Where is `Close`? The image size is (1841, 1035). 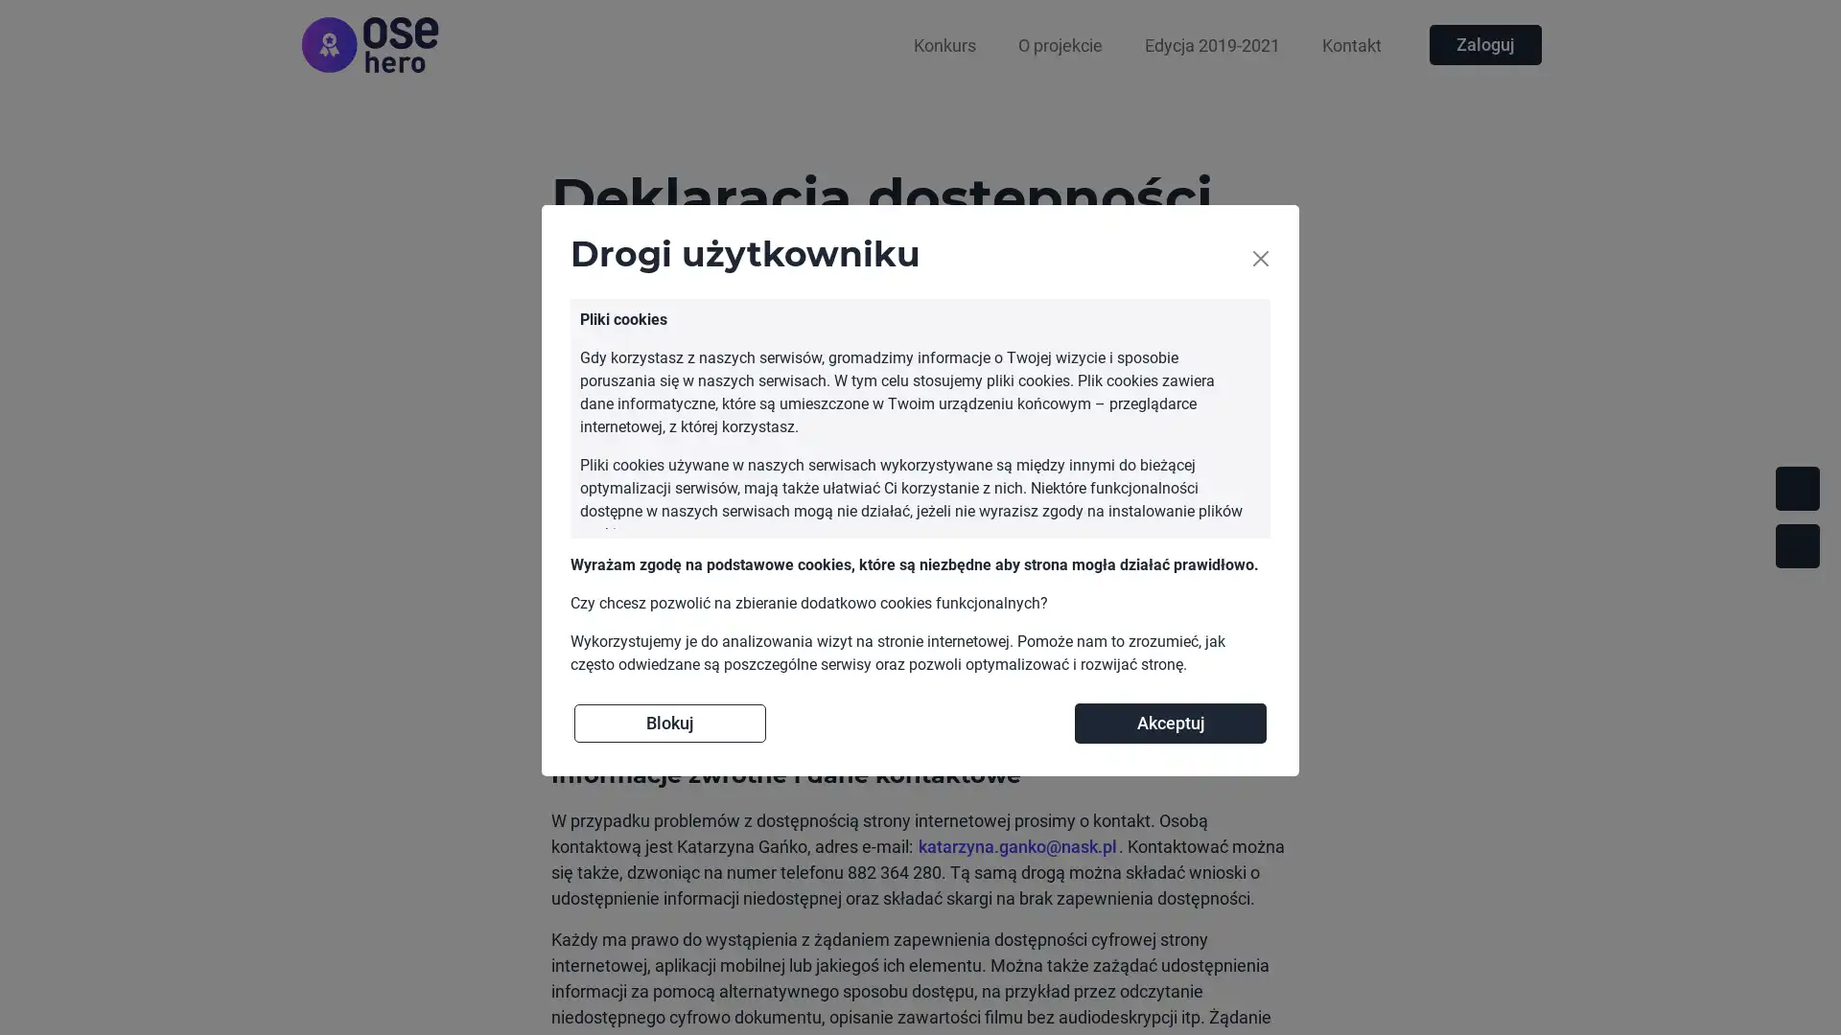
Close is located at coordinates (1261, 259).